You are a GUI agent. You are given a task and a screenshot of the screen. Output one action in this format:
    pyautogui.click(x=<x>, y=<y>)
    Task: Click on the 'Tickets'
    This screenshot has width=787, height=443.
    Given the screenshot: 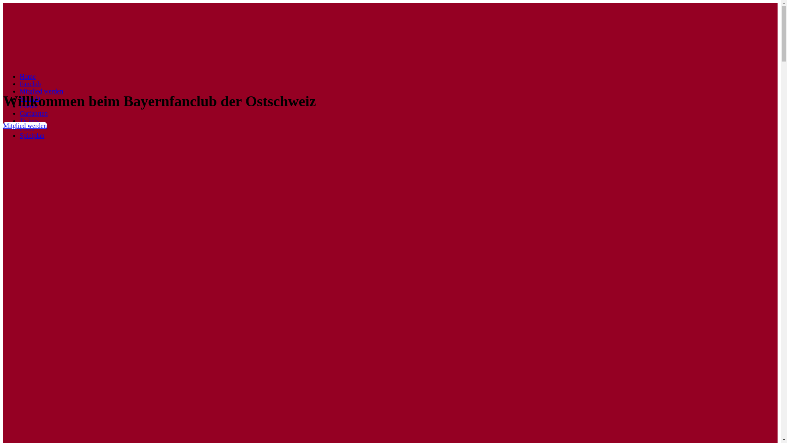 What is the action you would take?
    pyautogui.click(x=29, y=121)
    